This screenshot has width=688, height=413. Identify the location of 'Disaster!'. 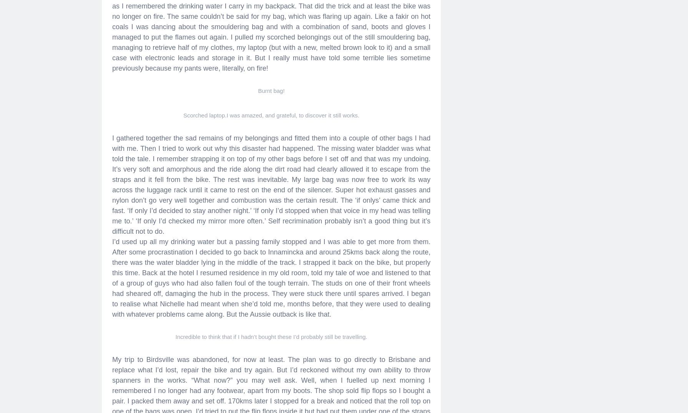
(271, 126).